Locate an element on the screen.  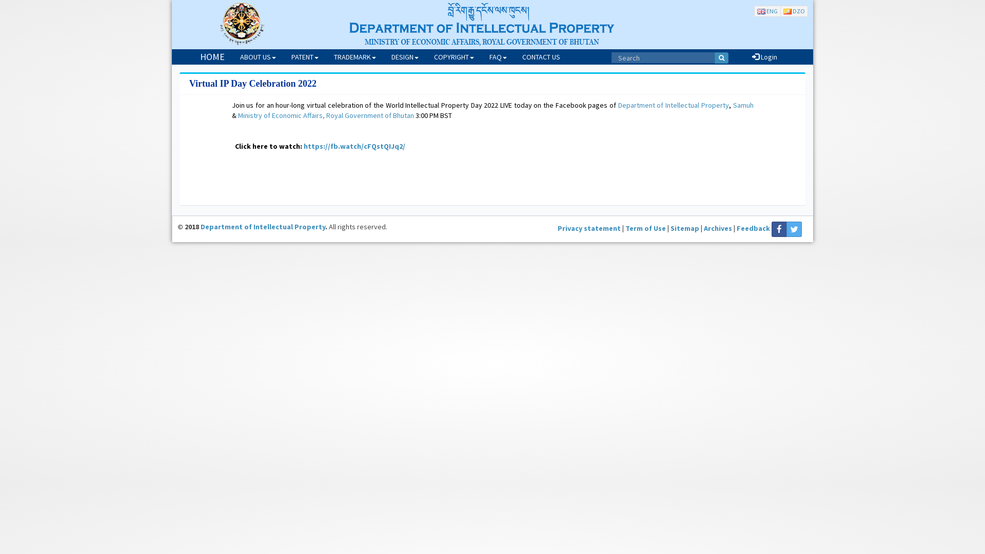
'https://fb.watch/cFQstQIJq2/' is located at coordinates (354, 146).